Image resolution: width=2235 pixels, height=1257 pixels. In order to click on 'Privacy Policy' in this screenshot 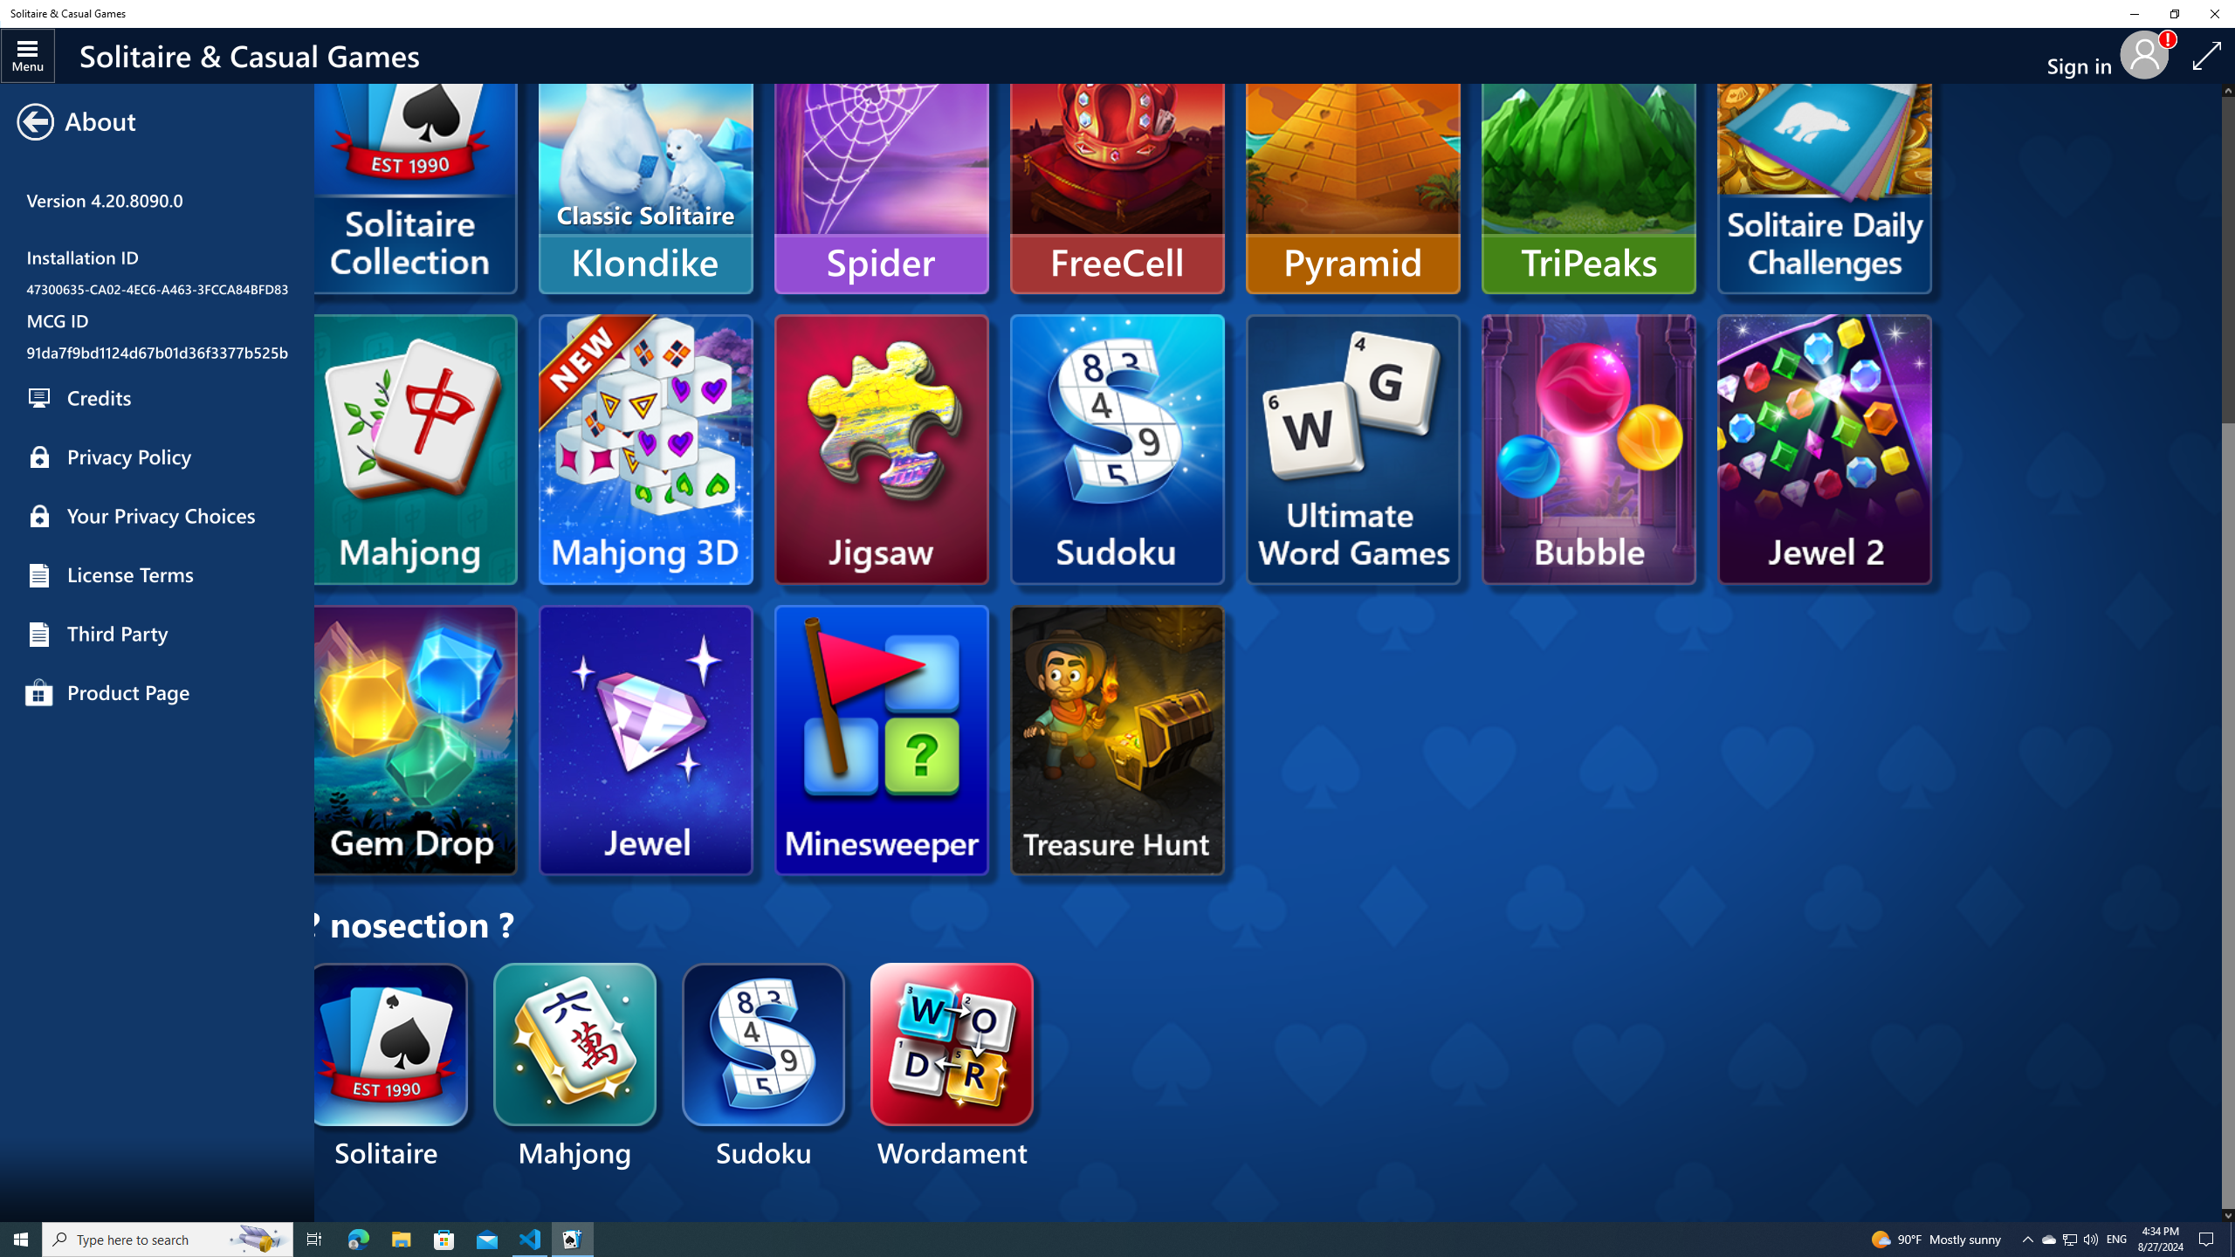, I will do `click(156, 457)`.